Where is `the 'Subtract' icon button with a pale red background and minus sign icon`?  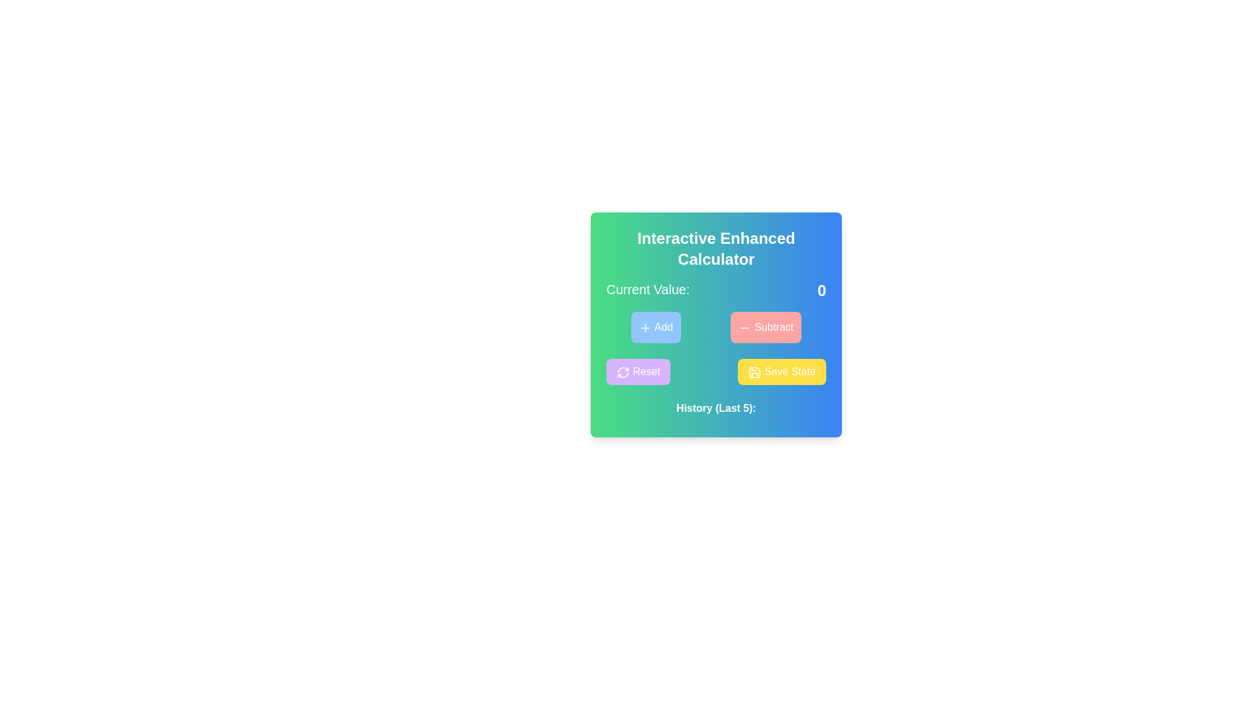
the 'Subtract' icon button with a pale red background and minus sign icon is located at coordinates (744, 327).